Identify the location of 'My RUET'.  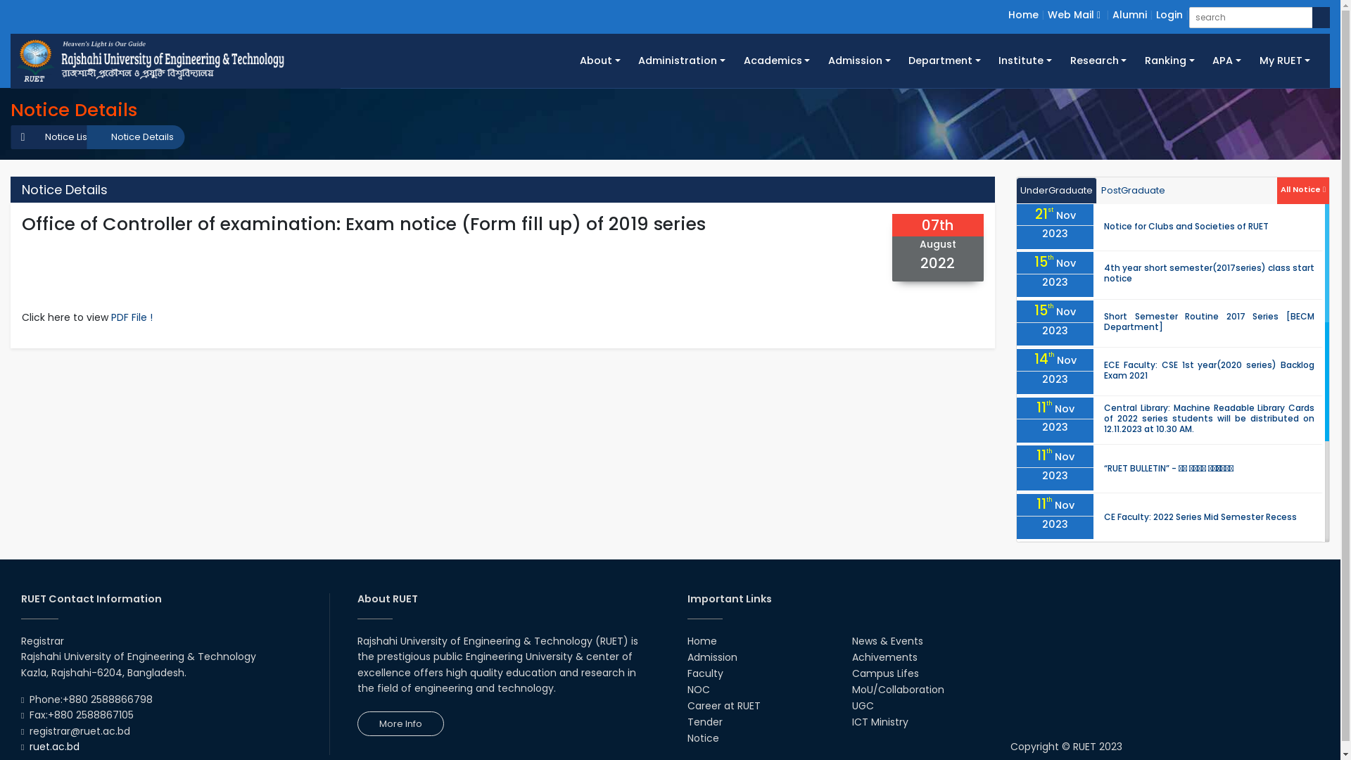
(1284, 60).